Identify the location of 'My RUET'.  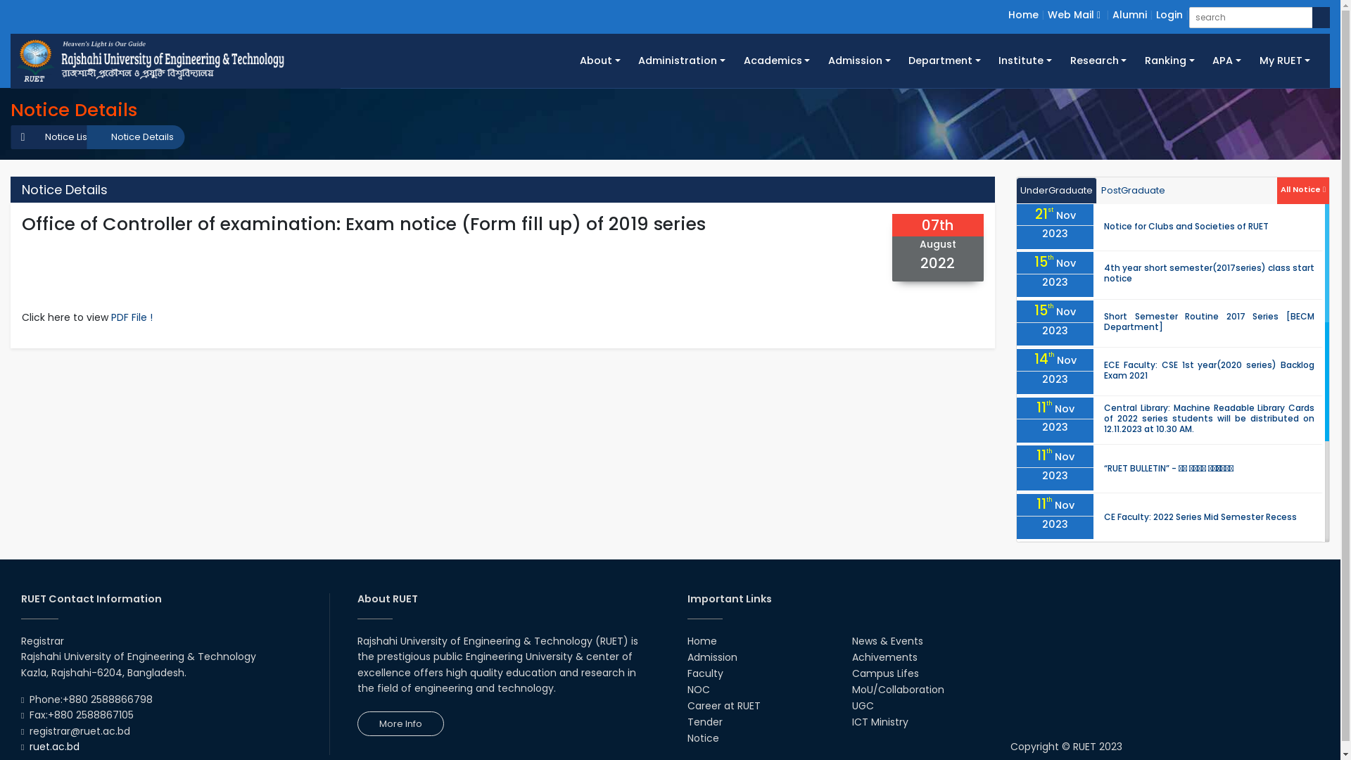
(1284, 60).